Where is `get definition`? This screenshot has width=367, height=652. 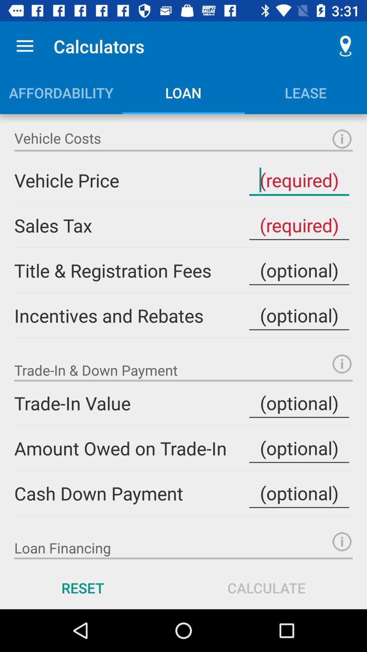
get definition is located at coordinates (342, 363).